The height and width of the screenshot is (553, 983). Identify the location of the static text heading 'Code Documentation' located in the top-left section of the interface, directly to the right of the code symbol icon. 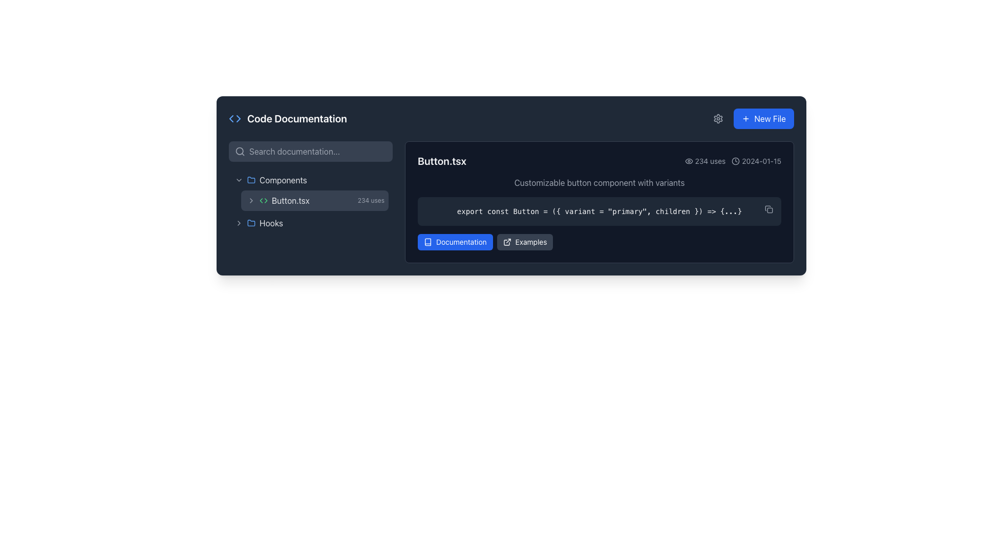
(296, 118).